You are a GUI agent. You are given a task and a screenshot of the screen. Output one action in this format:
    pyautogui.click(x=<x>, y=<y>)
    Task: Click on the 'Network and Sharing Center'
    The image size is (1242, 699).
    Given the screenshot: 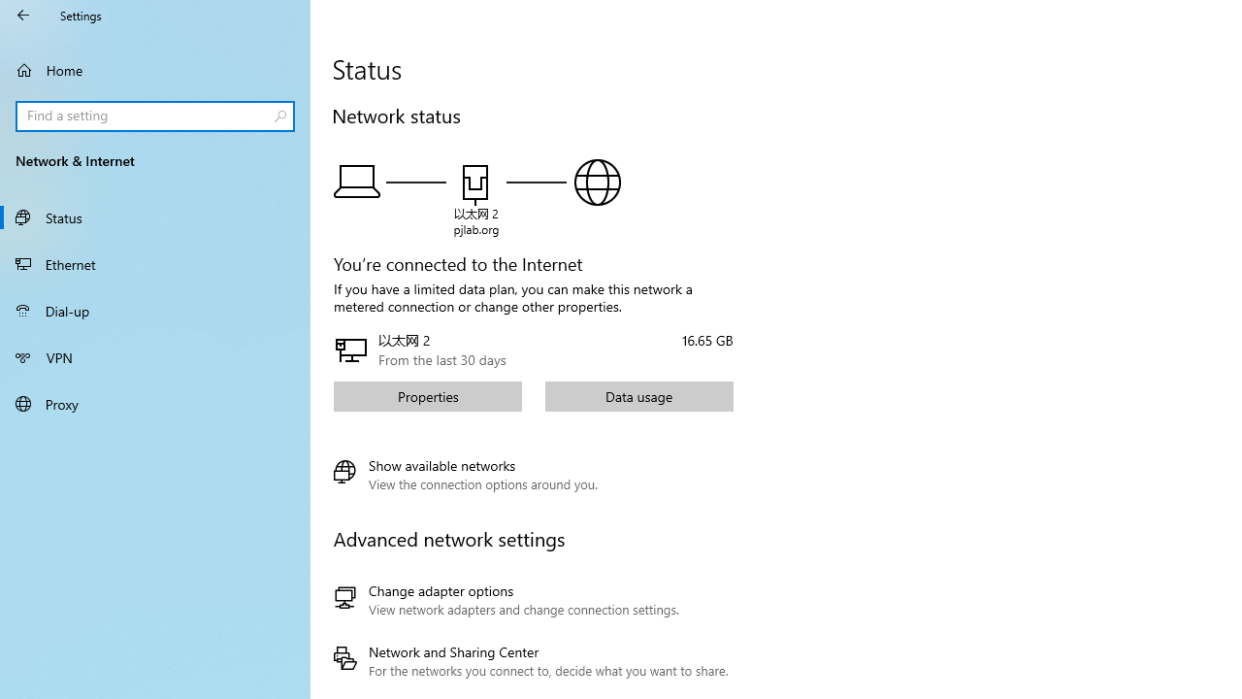 What is the action you would take?
    pyautogui.click(x=531, y=660)
    